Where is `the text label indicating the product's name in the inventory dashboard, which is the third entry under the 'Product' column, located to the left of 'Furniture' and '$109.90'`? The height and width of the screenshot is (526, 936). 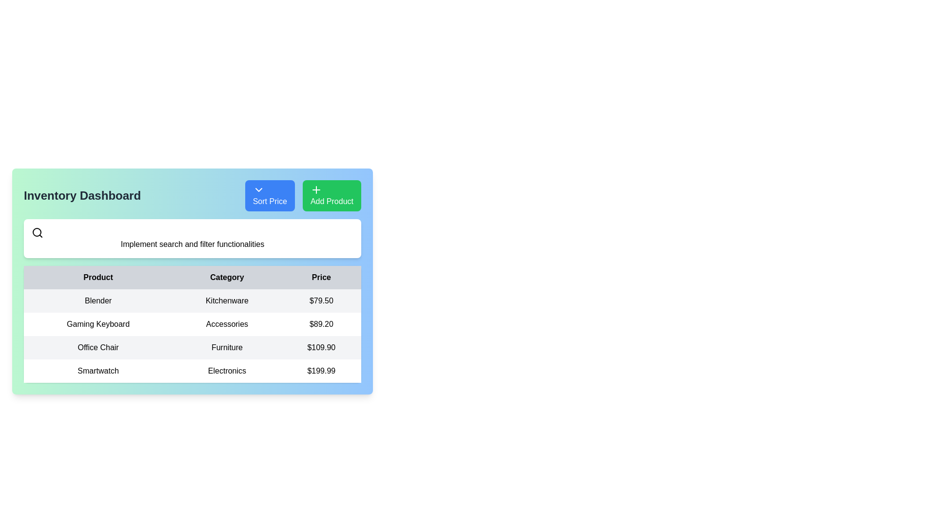
the text label indicating the product's name in the inventory dashboard, which is the third entry under the 'Product' column, located to the left of 'Furniture' and '$109.90' is located at coordinates (98, 347).